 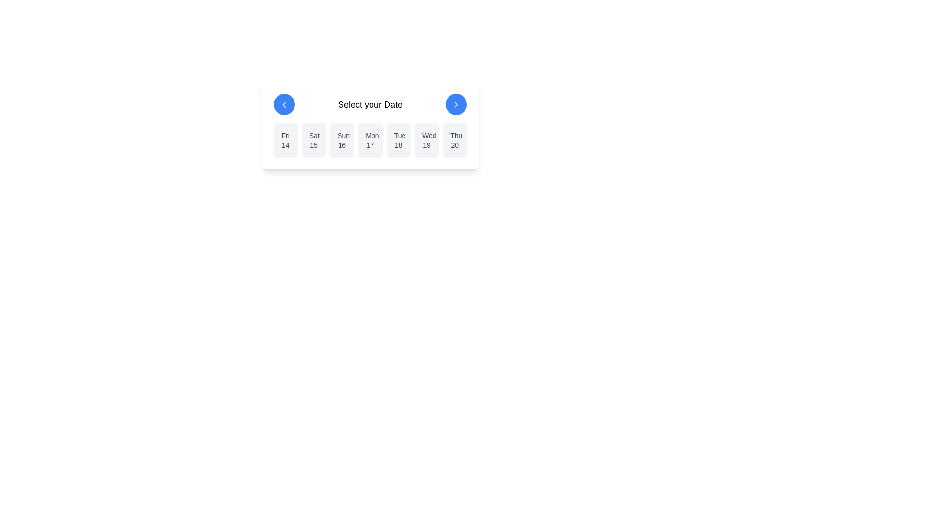 I want to click on the button representing Thursday, the 20th of the month, so click(x=454, y=140).